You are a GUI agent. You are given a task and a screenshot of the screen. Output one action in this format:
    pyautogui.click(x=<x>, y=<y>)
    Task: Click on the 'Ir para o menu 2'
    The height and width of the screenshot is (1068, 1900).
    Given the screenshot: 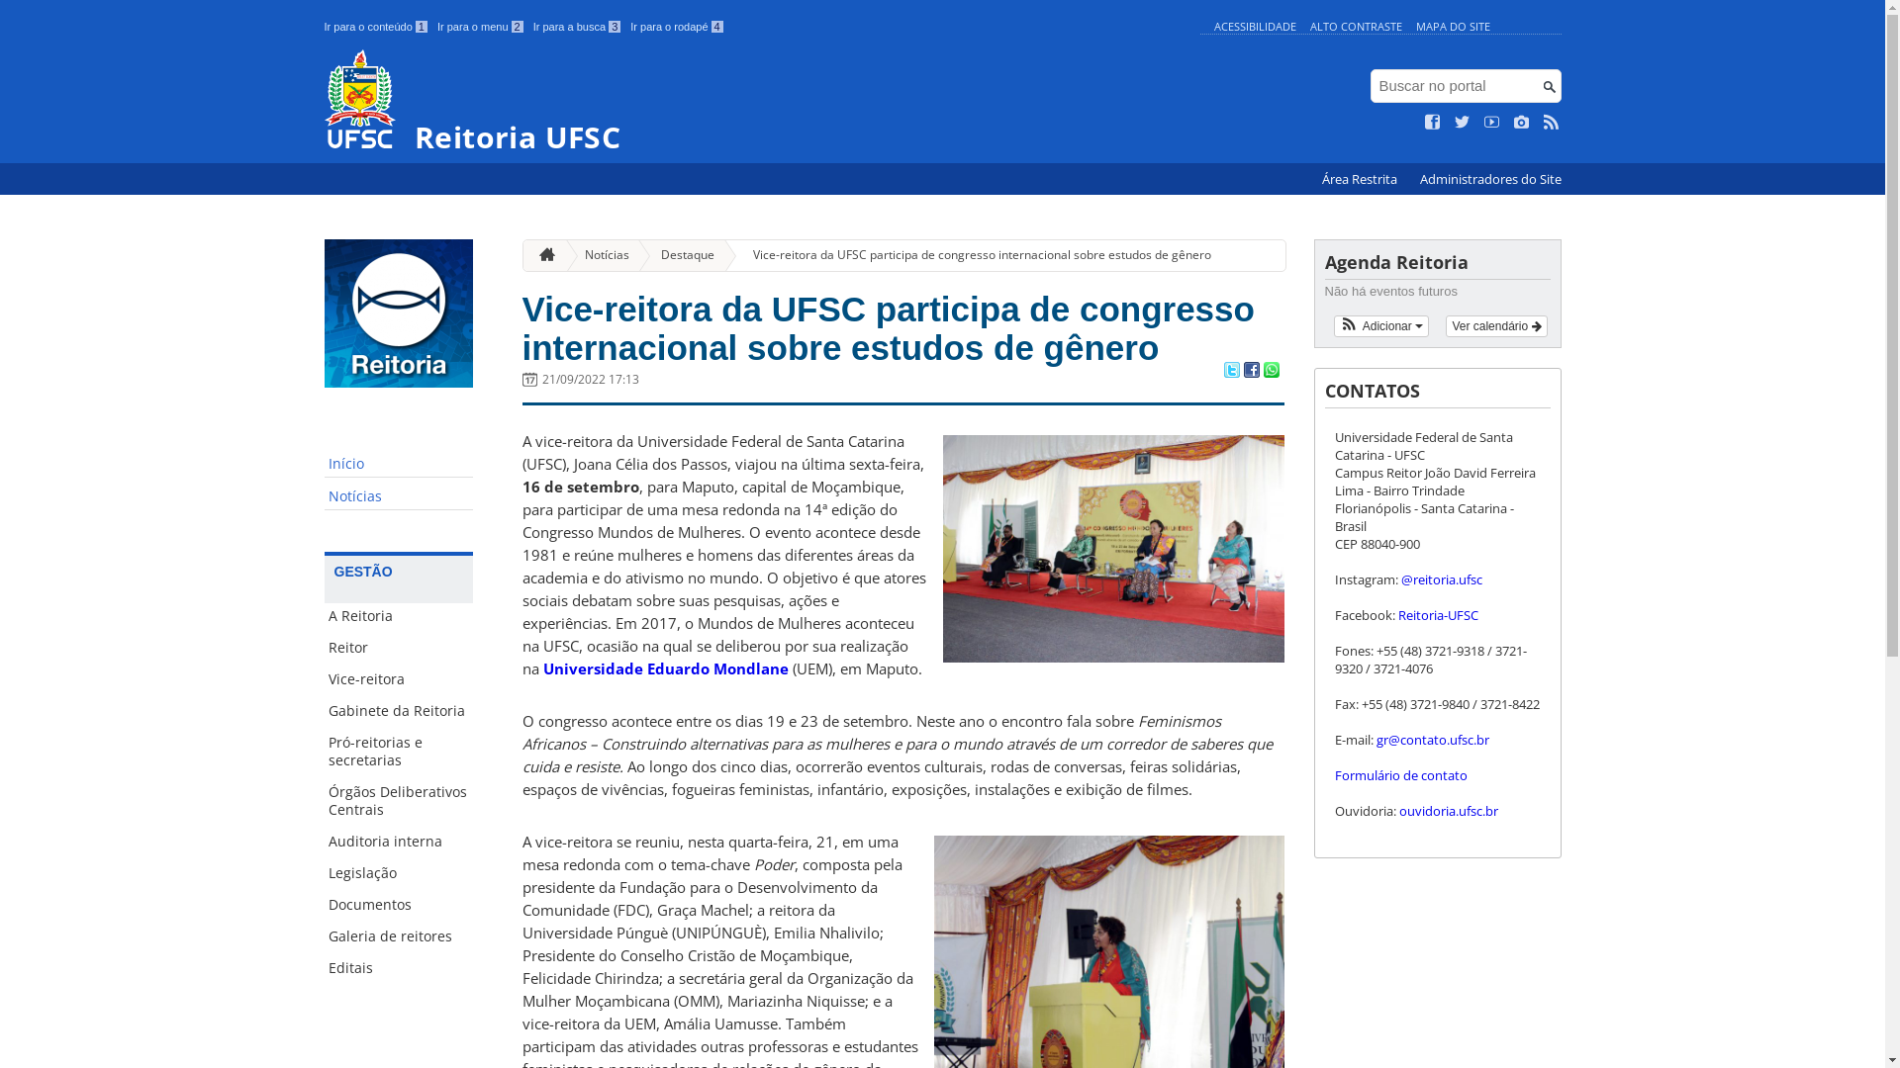 What is the action you would take?
    pyautogui.click(x=480, y=27)
    